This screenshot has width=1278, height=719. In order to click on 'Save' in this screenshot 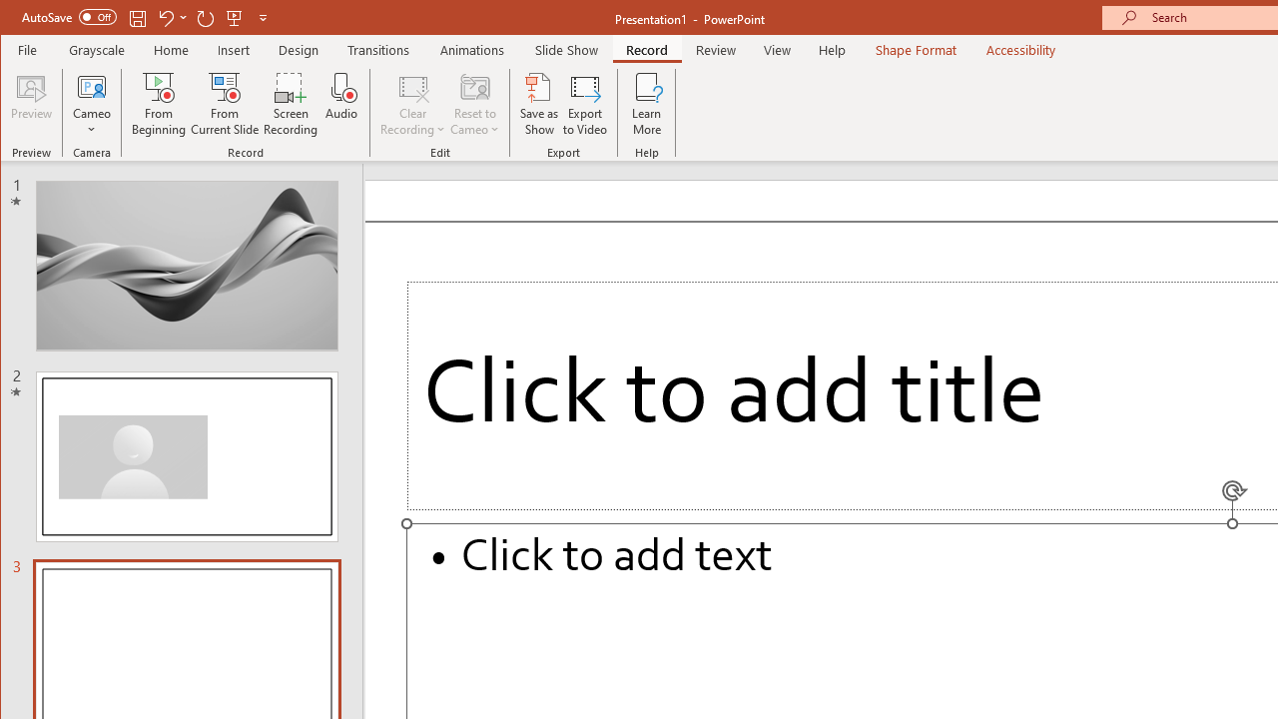, I will do `click(137, 17)`.